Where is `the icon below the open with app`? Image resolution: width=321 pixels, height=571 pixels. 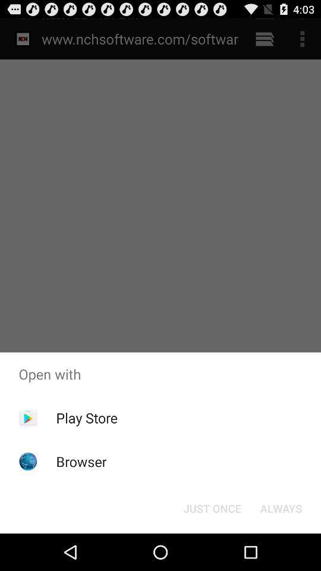 the icon below the open with app is located at coordinates (212, 507).